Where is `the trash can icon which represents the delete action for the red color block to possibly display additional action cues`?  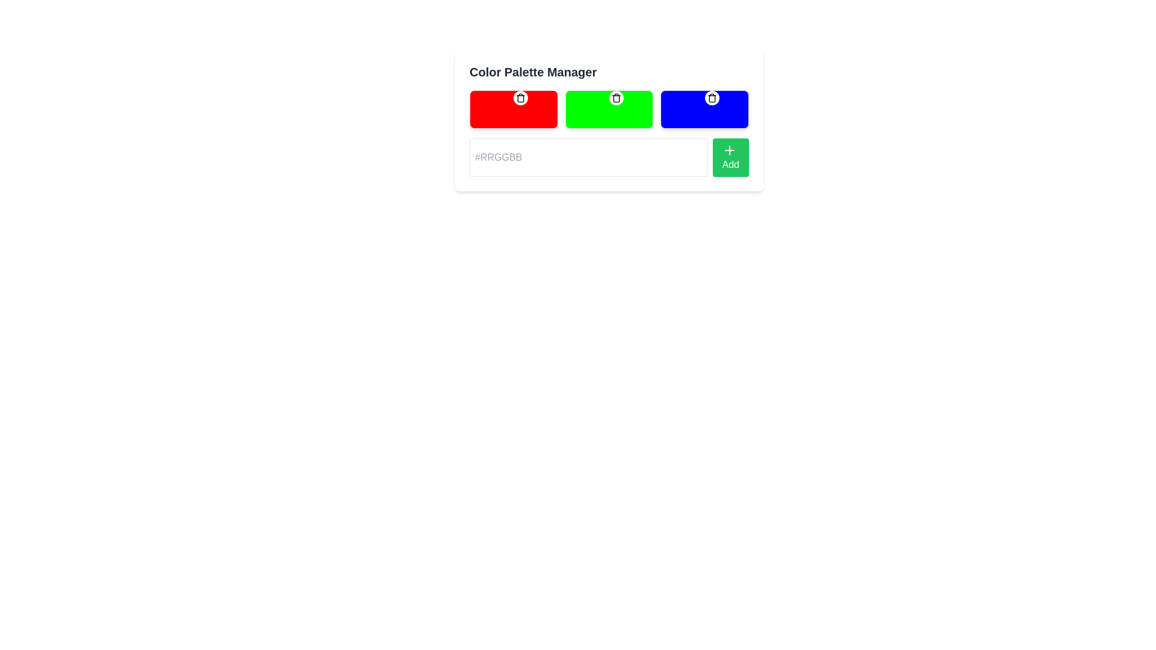 the trash can icon which represents the delete action for the red color block to possibly display additional action cues is located at coordinates (521, 97).